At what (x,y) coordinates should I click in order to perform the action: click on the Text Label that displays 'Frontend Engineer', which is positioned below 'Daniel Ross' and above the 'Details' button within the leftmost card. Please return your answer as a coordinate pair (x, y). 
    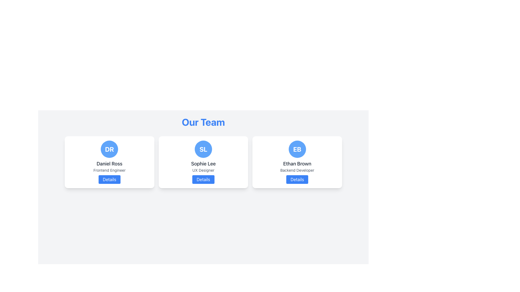
    Looking at the image, I should click on (109, 170).